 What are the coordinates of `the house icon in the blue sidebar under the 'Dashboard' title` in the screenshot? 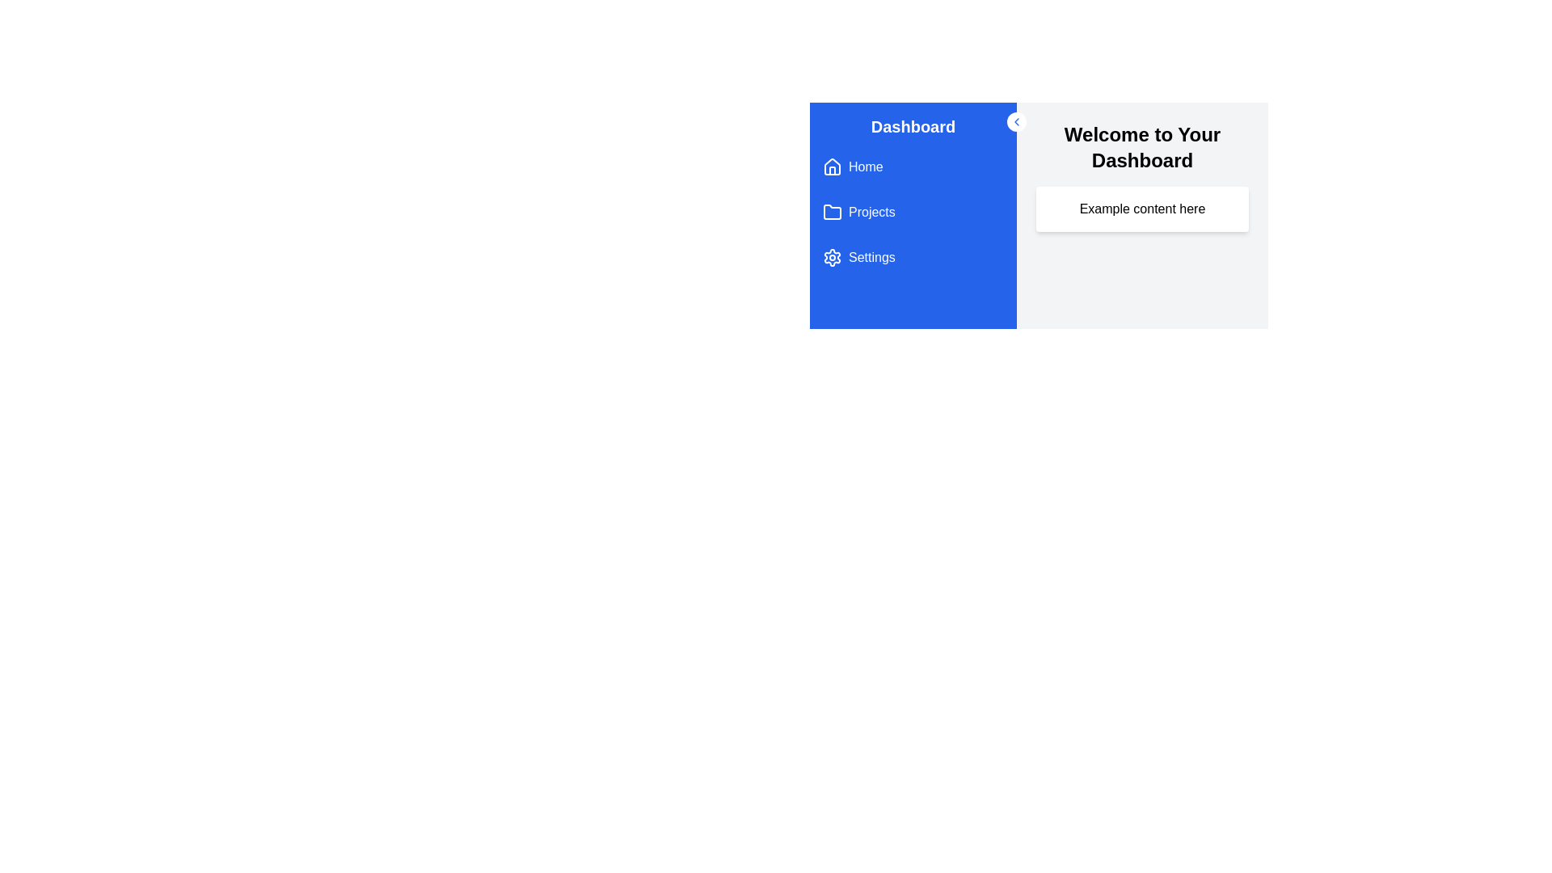 It's located at (833, 167).